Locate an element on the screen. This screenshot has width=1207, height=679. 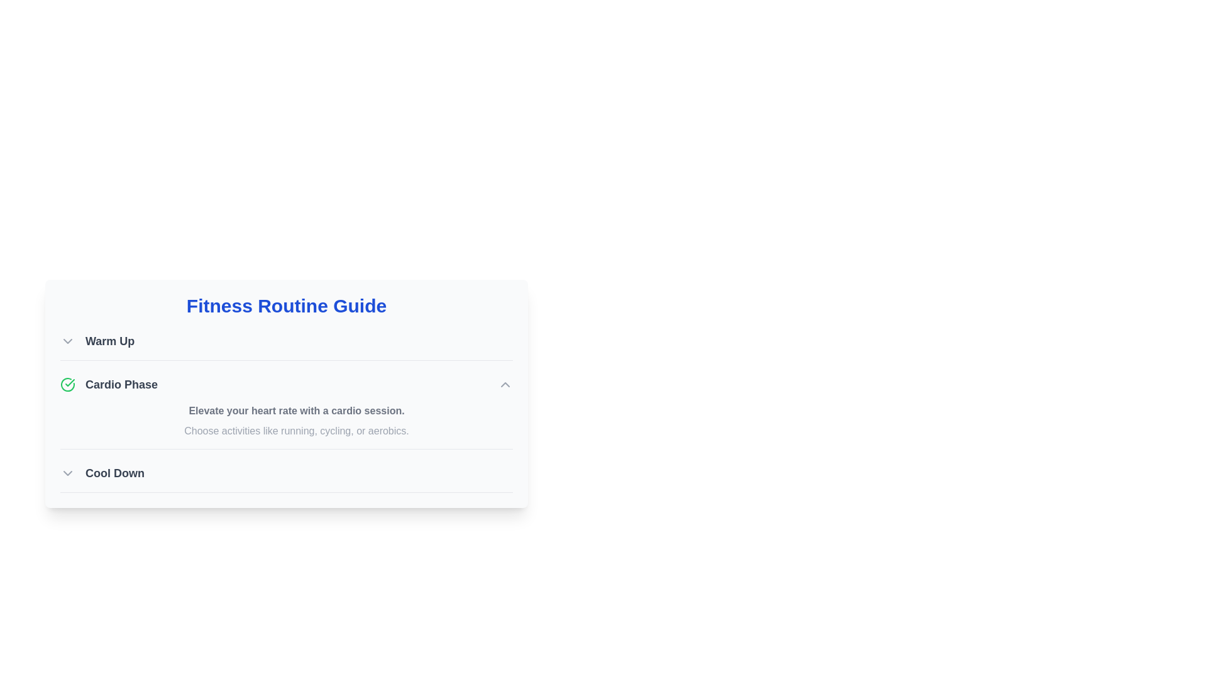
the text element that reads 'Choose activities like running, cycling, or aerobics.' which is styled in gray and located within the 'Cardio Phase' section is located at coordinates (295, 431).